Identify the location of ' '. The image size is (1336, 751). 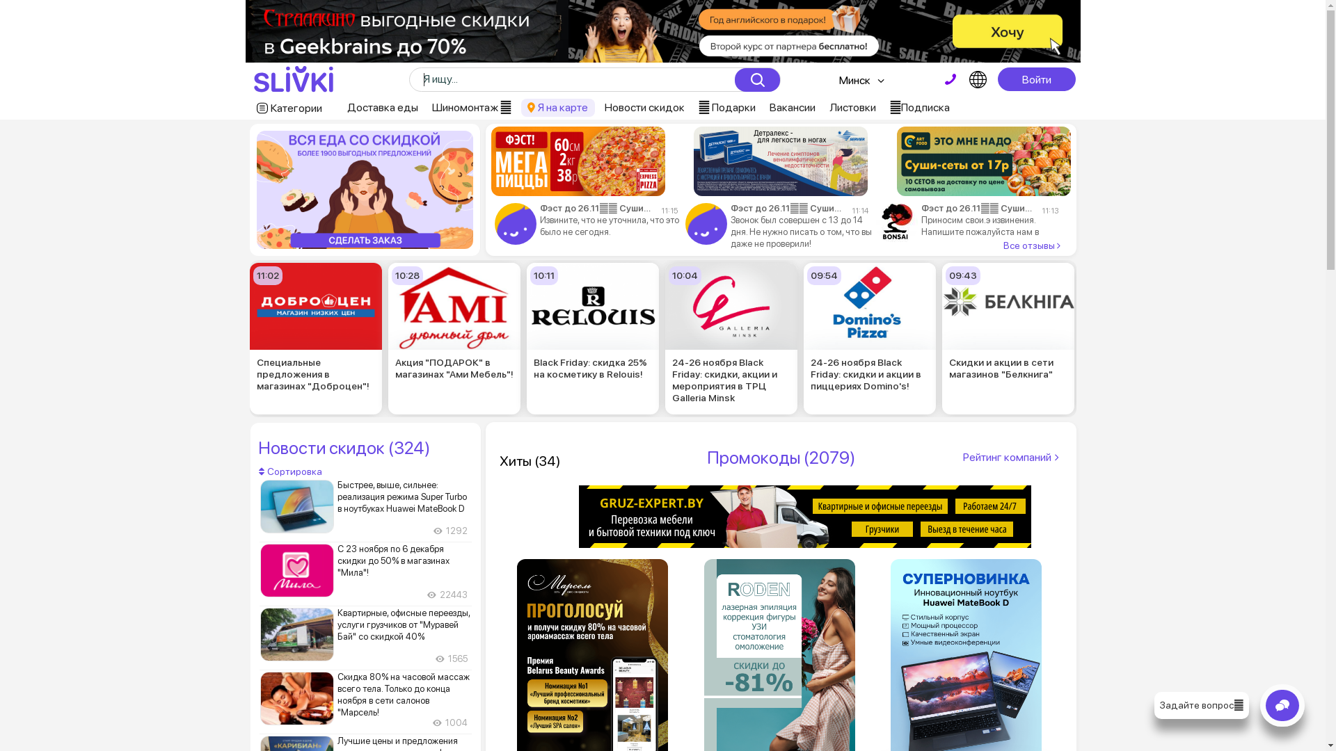
(950, 79).